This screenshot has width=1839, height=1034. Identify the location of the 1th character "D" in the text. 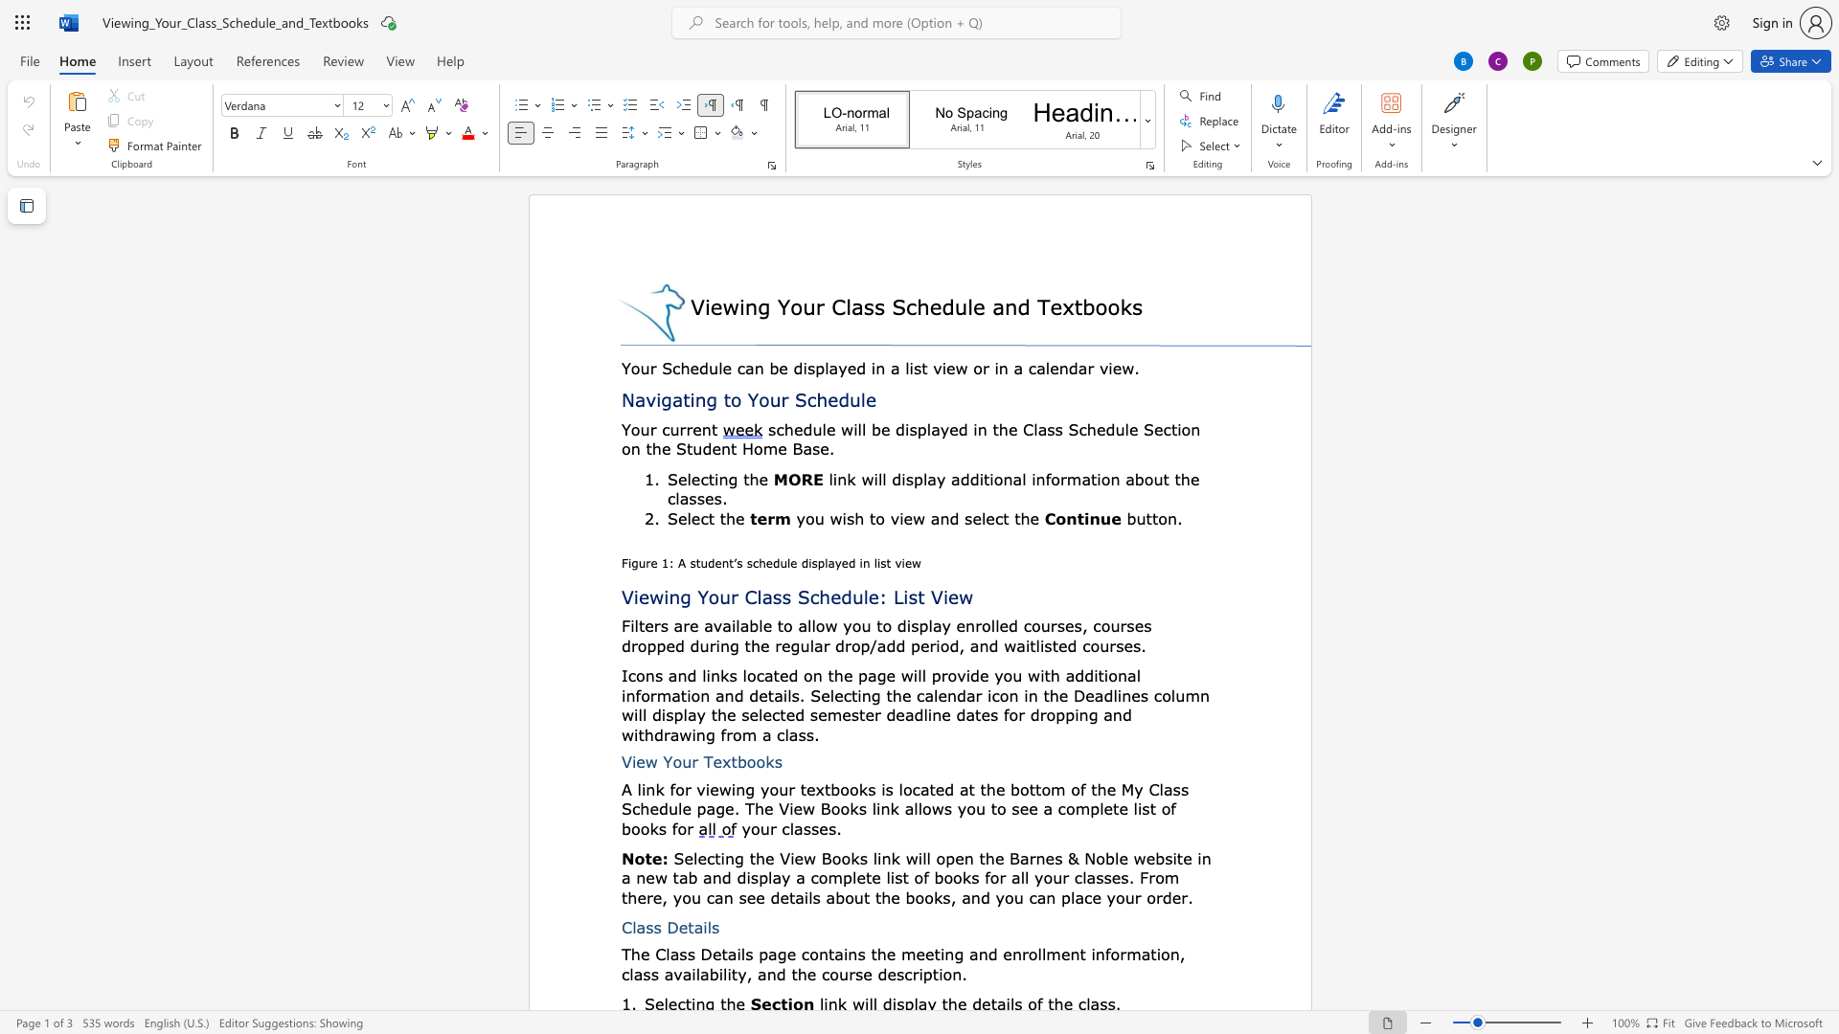
(672, 926).